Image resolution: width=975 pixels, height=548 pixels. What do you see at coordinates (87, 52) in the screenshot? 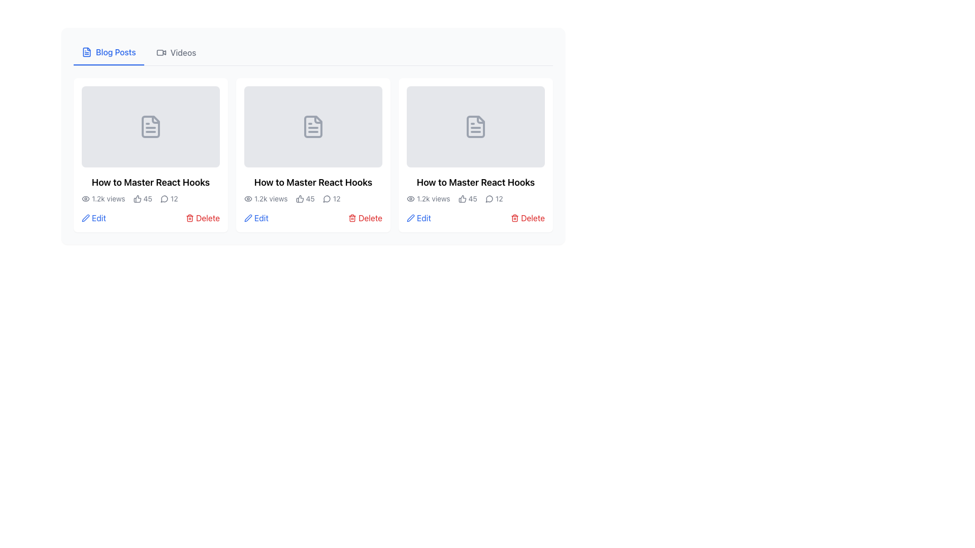
I see `the document icon located to the left of the 'Blog Posts' navigation label, which is styled in a minimalistic outline with a blue color scheme` at bounding box center [87, 52].